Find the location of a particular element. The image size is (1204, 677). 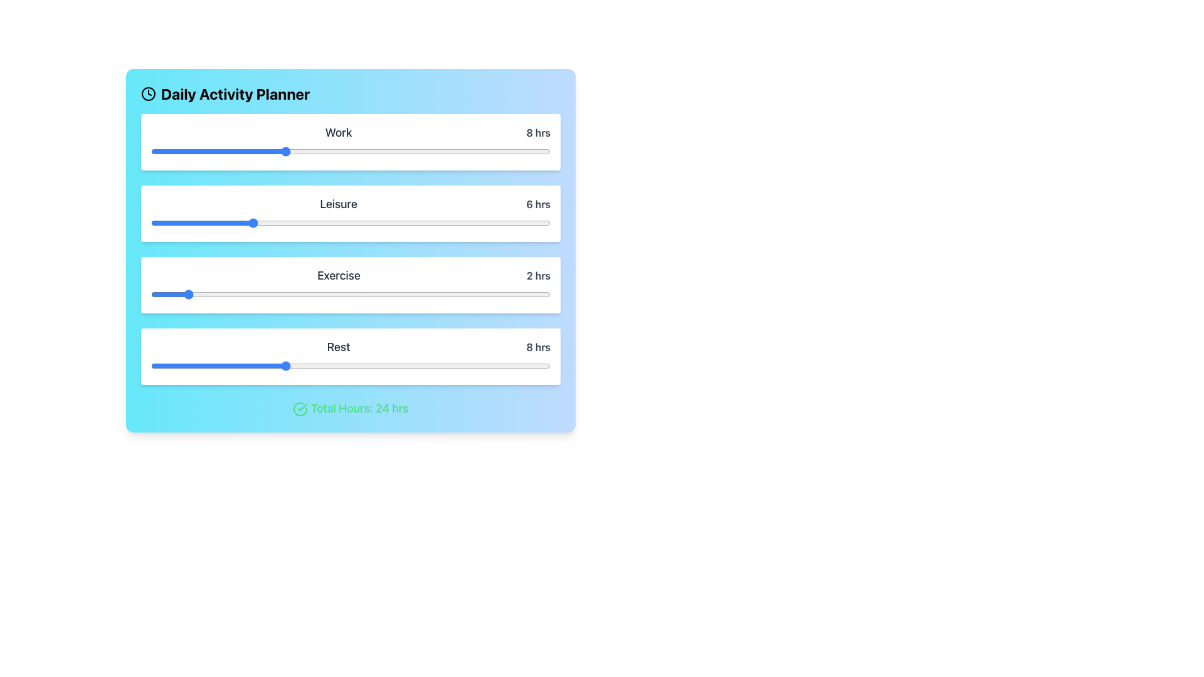

the Exercise duration is located at coordinates (184, 295).